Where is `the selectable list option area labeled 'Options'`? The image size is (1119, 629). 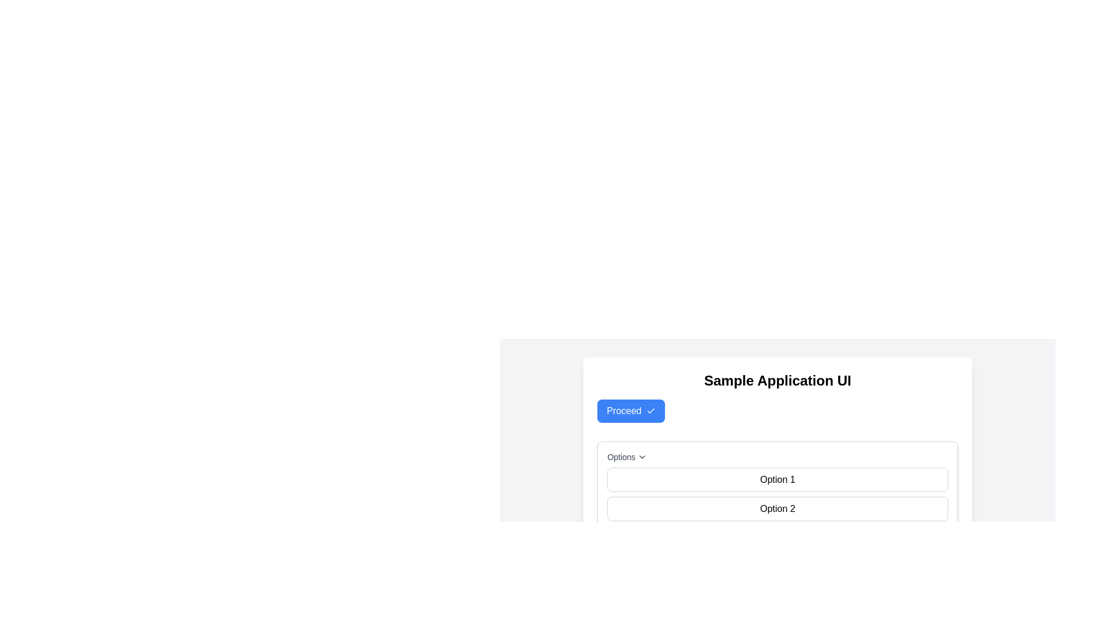 the selectable list option area labeled 'Options' is located at coordinates (777, 500).